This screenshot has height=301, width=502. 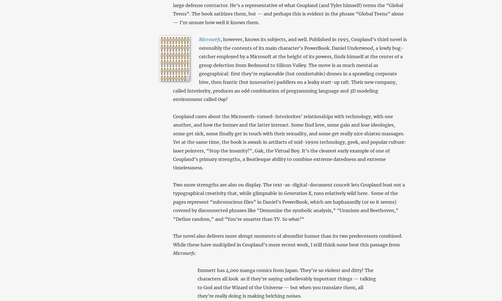 What do you see at coordinates (288, 189) in the screenshot?
I see `'Two more strengths are also on display. The text-as-digital-document conceit lets Coupland bust out a typographical creativity that, while glimpsable in'` at bounding box center [288, 189].